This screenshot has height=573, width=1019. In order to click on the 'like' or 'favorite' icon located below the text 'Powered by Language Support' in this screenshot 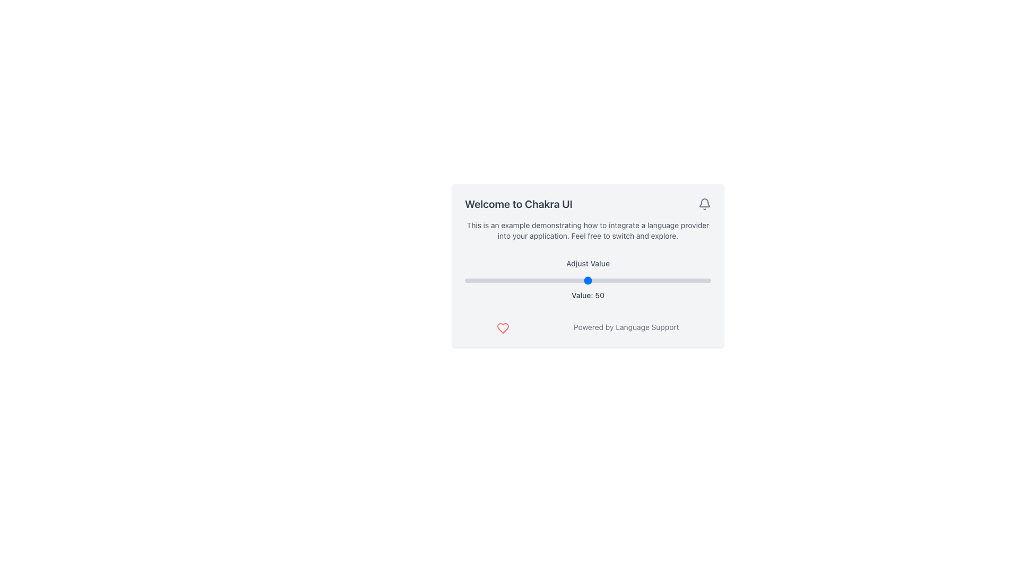, I will do `click(503, 327)`.